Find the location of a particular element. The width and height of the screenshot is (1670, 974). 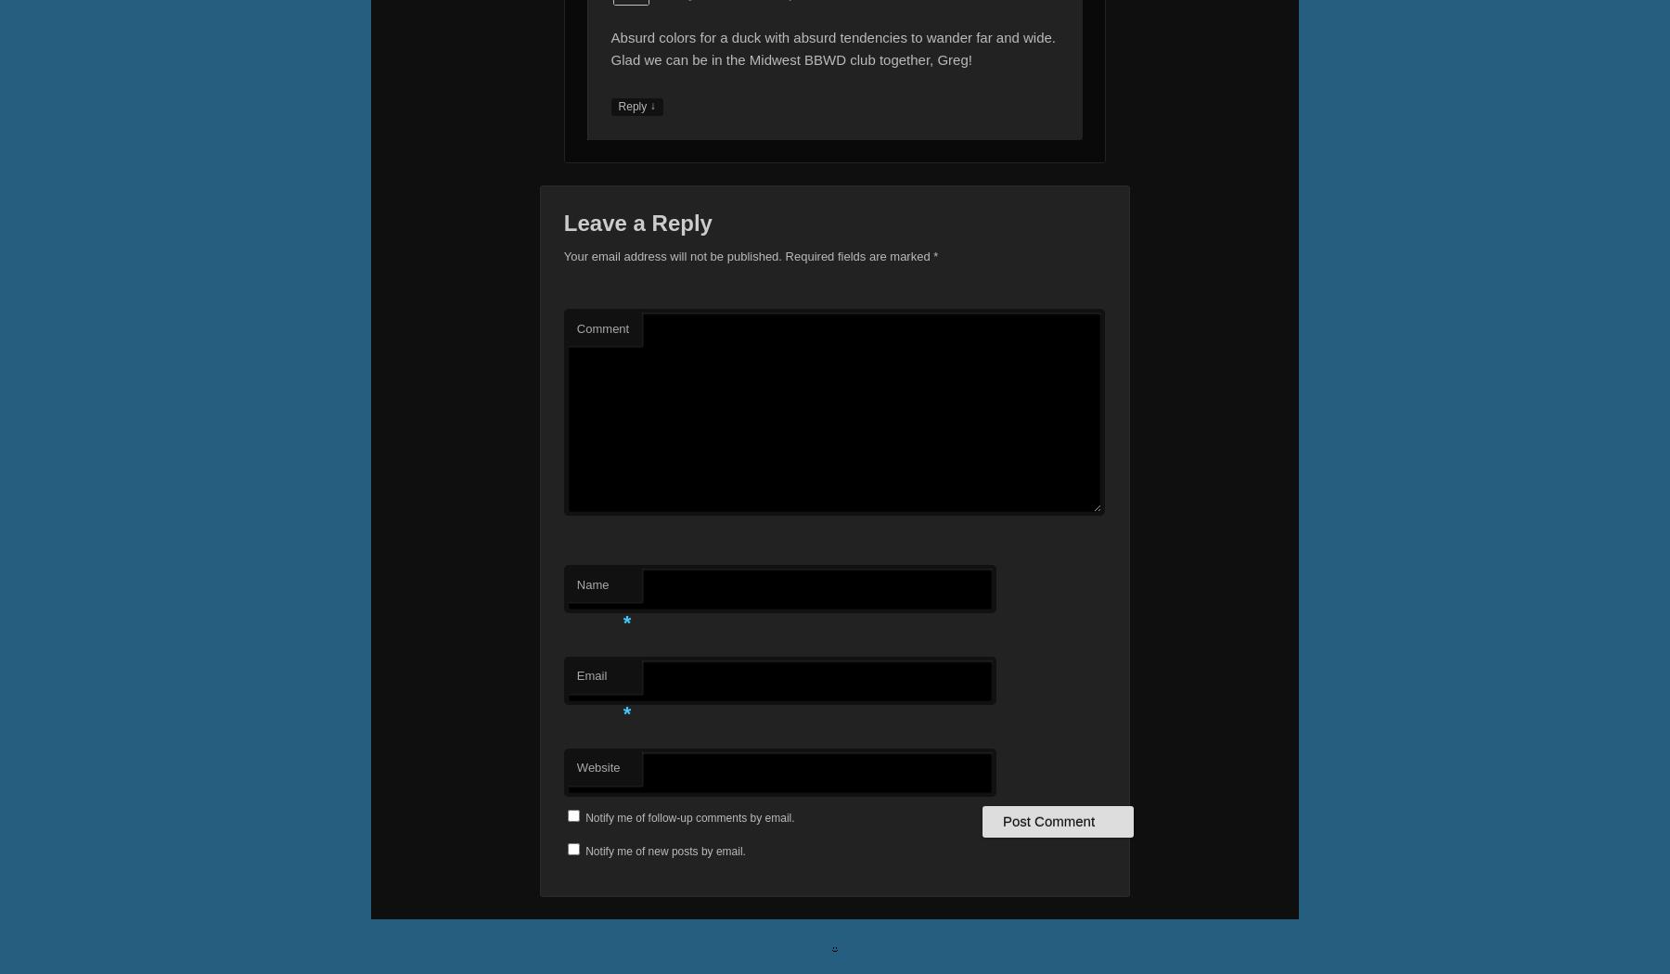

'Reply' is located at coordinates (632, 105).